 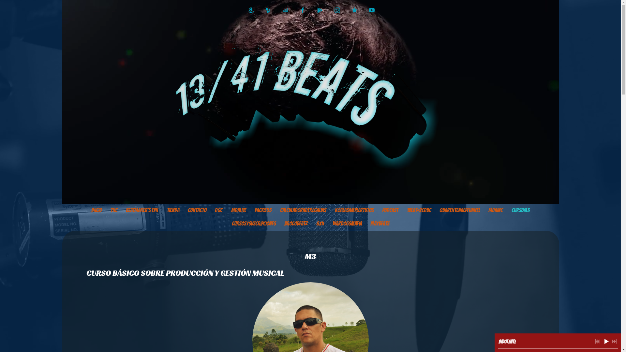 I want to click on 'Beatmaker's EPK', so click(x=122, y=210).